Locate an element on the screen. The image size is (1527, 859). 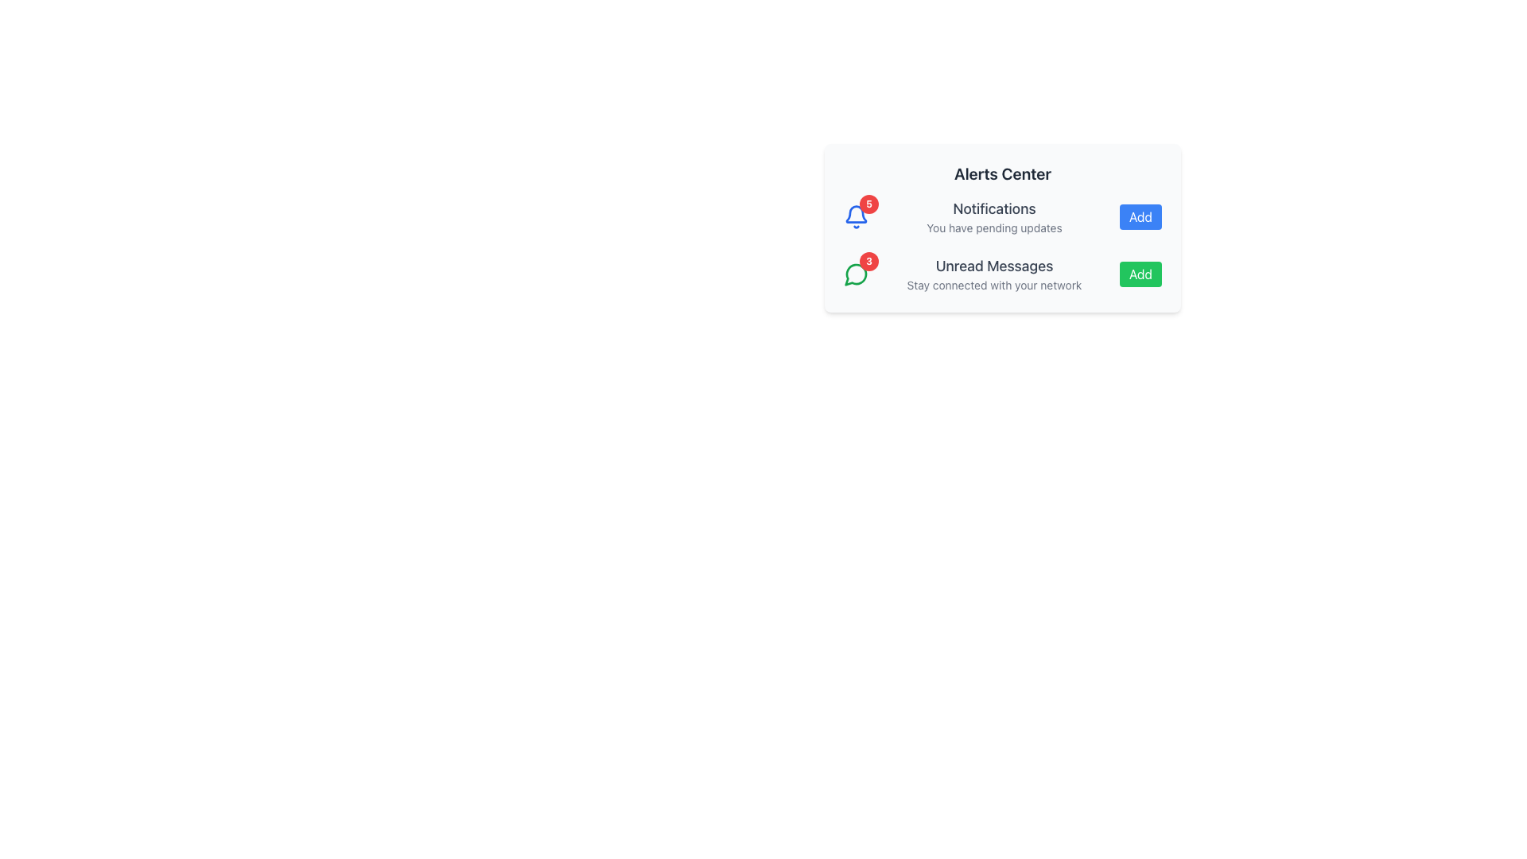
the Badge notification icon indicating 3 unread messages, located in the notifications panel below the Notifications section is located at coordinates (855, 273).